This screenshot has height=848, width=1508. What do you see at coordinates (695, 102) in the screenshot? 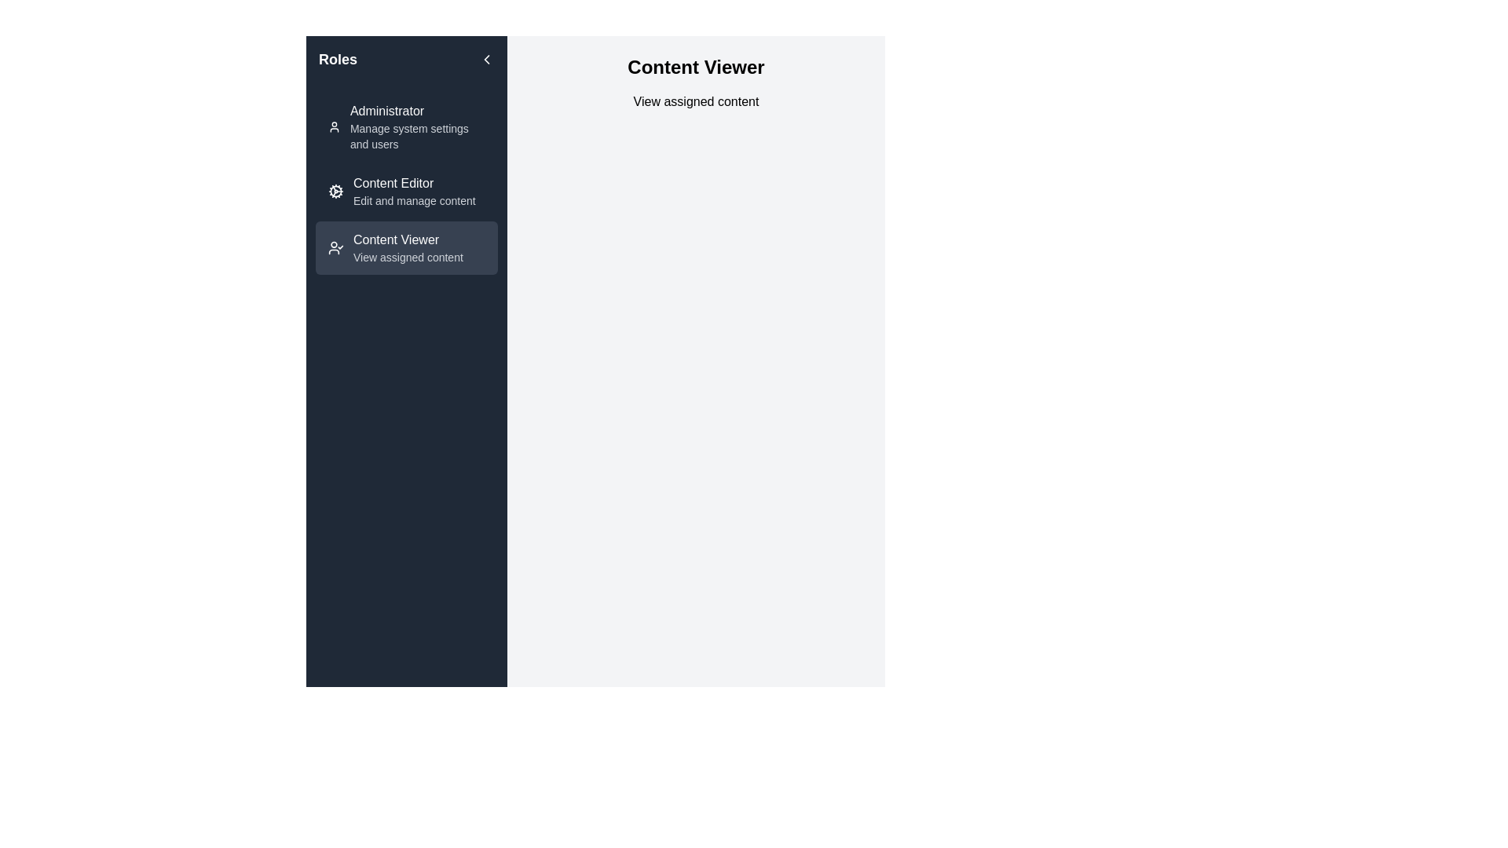
I see `the content information text label located below the 'Content Viewer' header, which indicates that this section is about viewing assigned content` at bounding box center [695, 102].